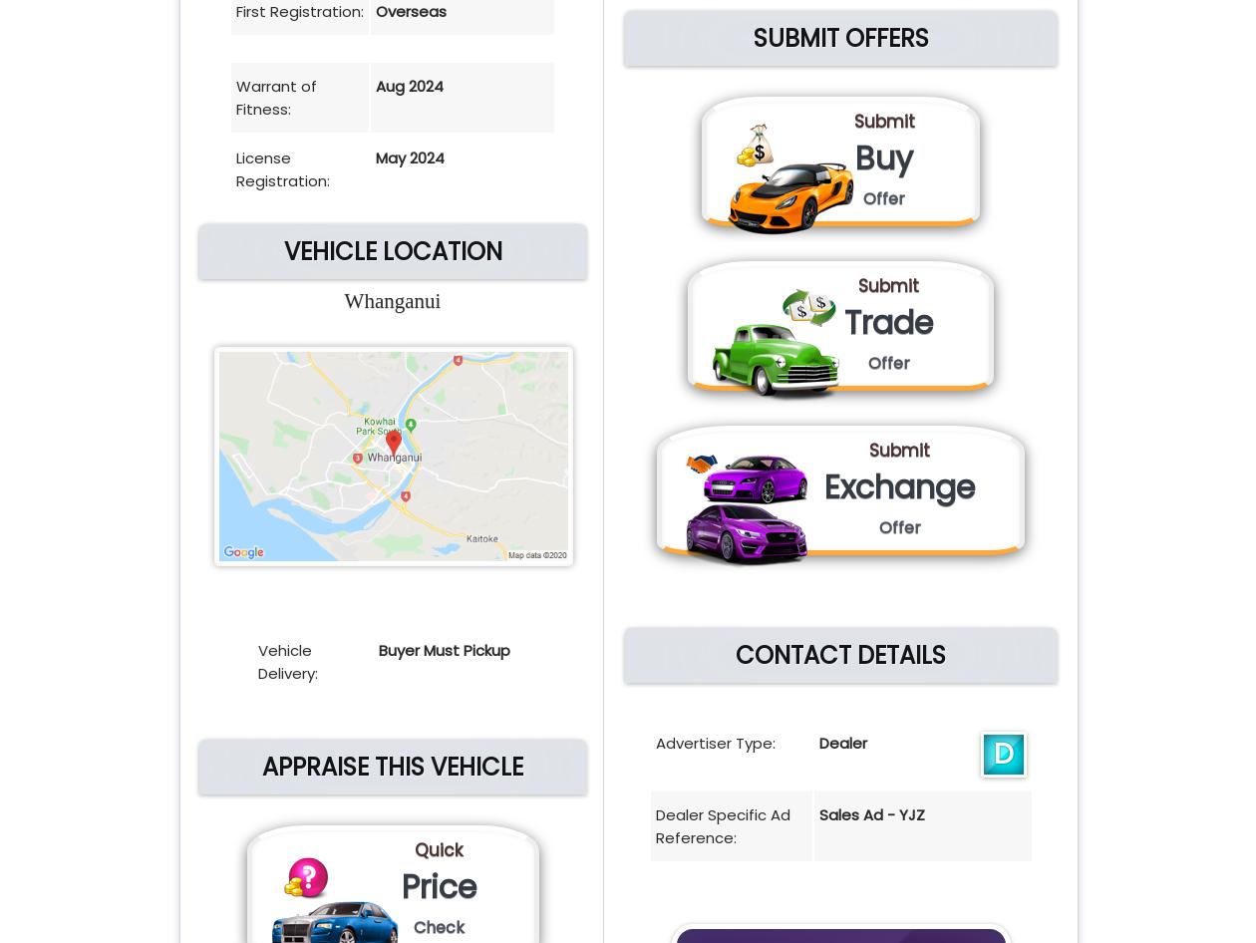 This screenshot has width=1256, height=943. Describe the element at coordinates (438, 885) in the screenshot. I see `'Price'` at that location.